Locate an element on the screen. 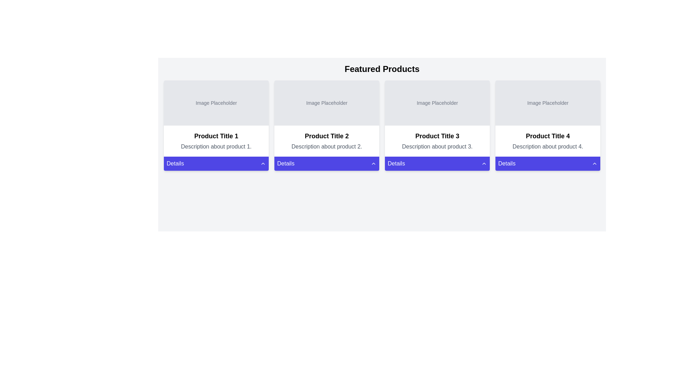 This screenshot has width=678, height=381. the 'Image Placeholder' component, which is a rectangular area with a light gray background and centered text, located at the top of the card labeled 'Product Title 3' is located at coordinates (437, 103).